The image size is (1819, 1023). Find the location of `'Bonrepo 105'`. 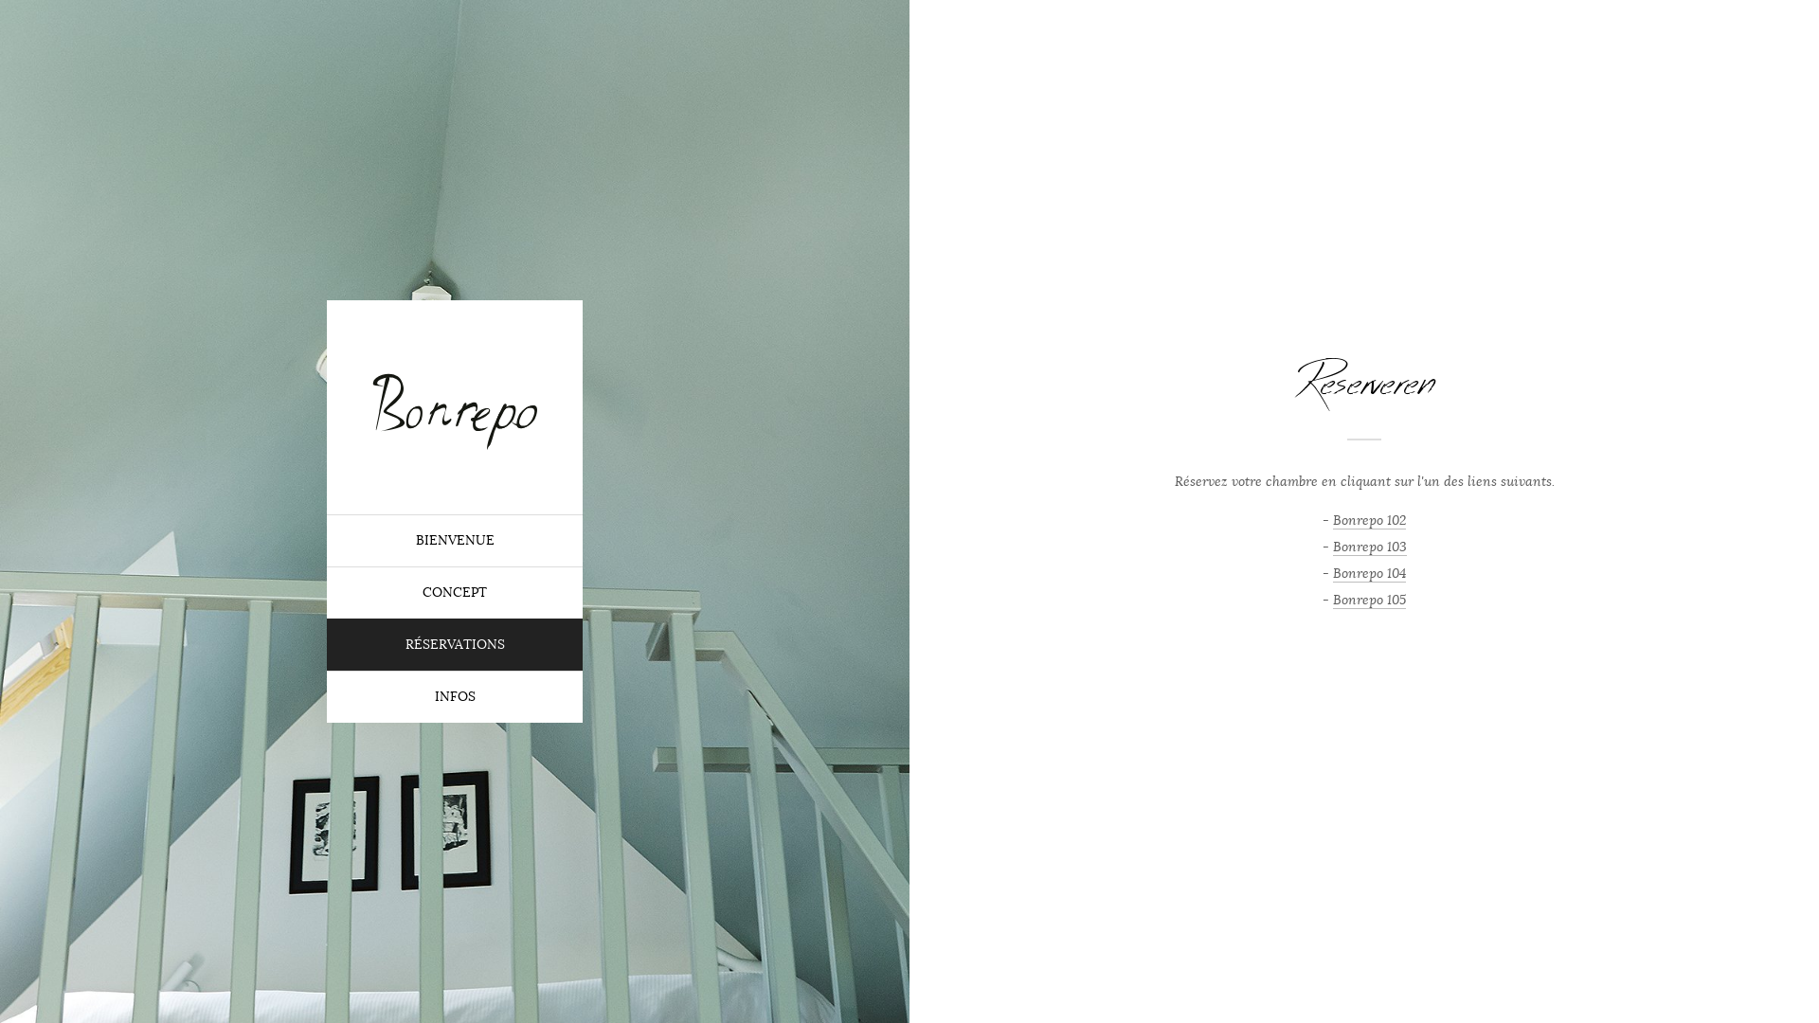

'Bonrepo 105' is located at coordinates (1369, 599).